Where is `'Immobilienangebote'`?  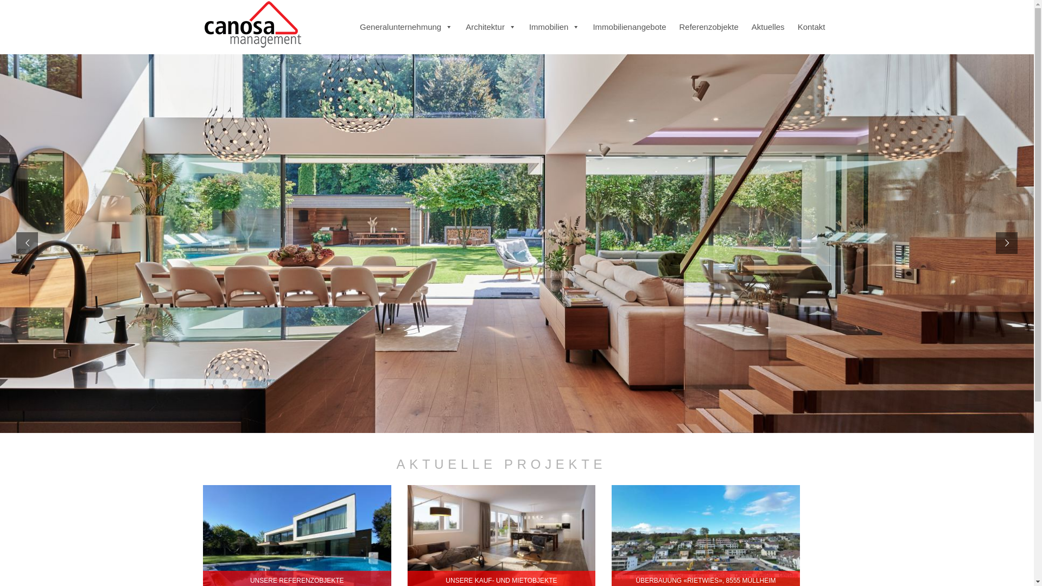
'Immobilienangebote' is located at coordinates (629, 27).